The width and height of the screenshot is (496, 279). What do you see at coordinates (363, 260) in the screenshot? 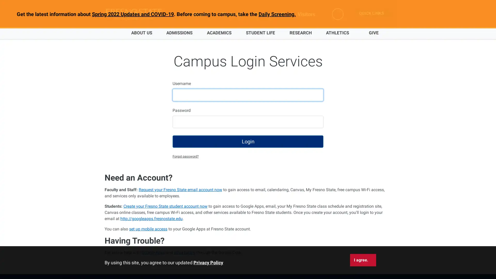
I see `dismiss cookie message` at bounding box center [363, 260].